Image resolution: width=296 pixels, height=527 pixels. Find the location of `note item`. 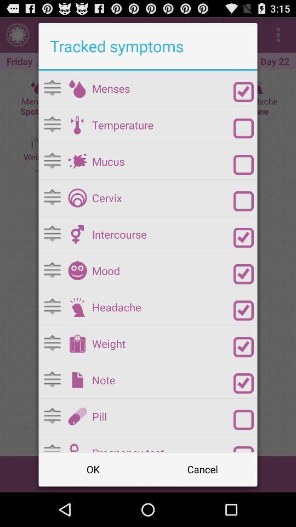

note item is located at coordinates (162, 380).